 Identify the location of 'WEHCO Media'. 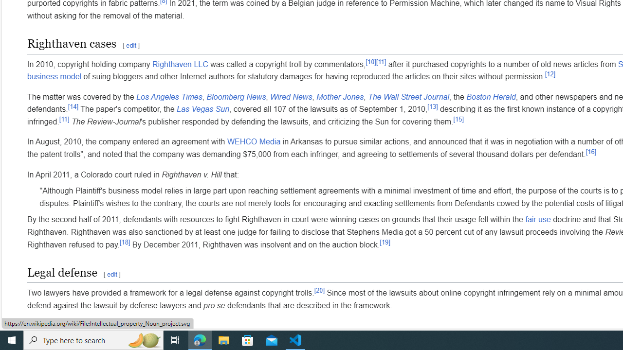
(254, 141).